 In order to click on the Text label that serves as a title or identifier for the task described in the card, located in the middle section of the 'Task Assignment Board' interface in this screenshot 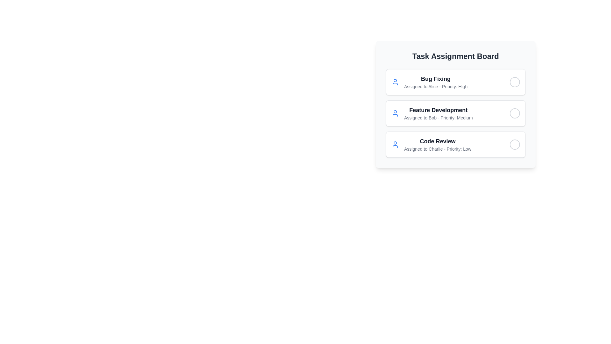, I will do `click(438, 110)`.